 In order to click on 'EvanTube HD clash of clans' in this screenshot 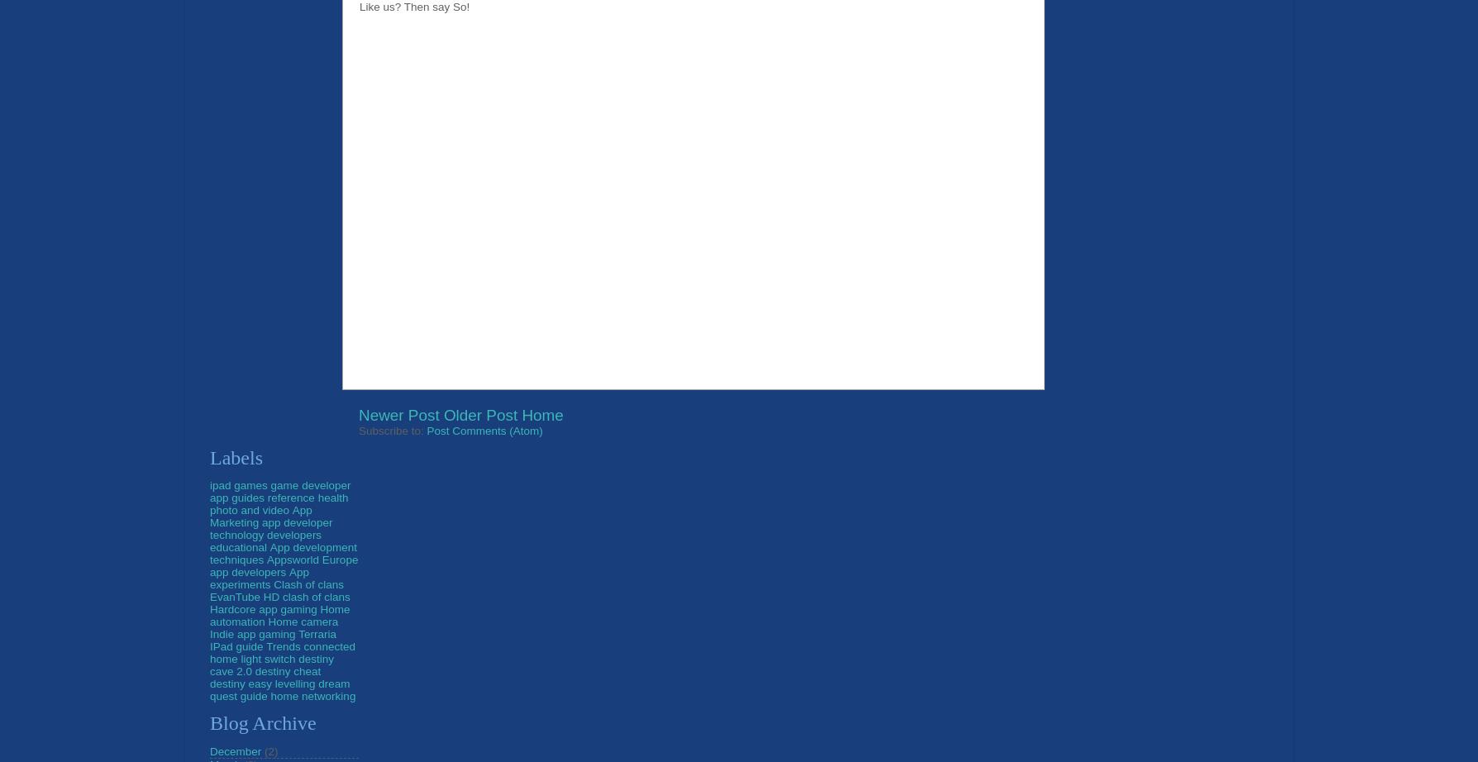, I will do `click(279, 595)`.